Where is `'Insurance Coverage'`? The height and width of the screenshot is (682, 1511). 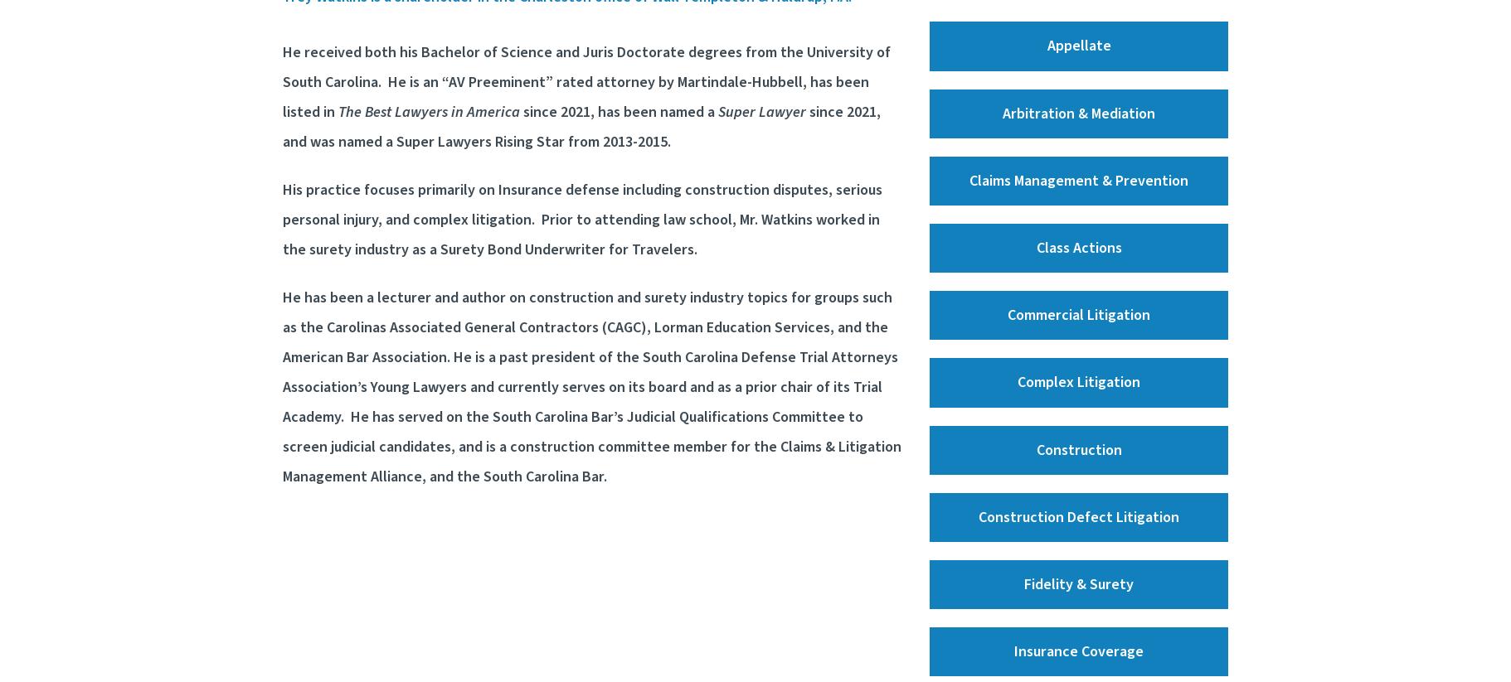
'Insurance Coverage' is located at coordinates (1078, 651).